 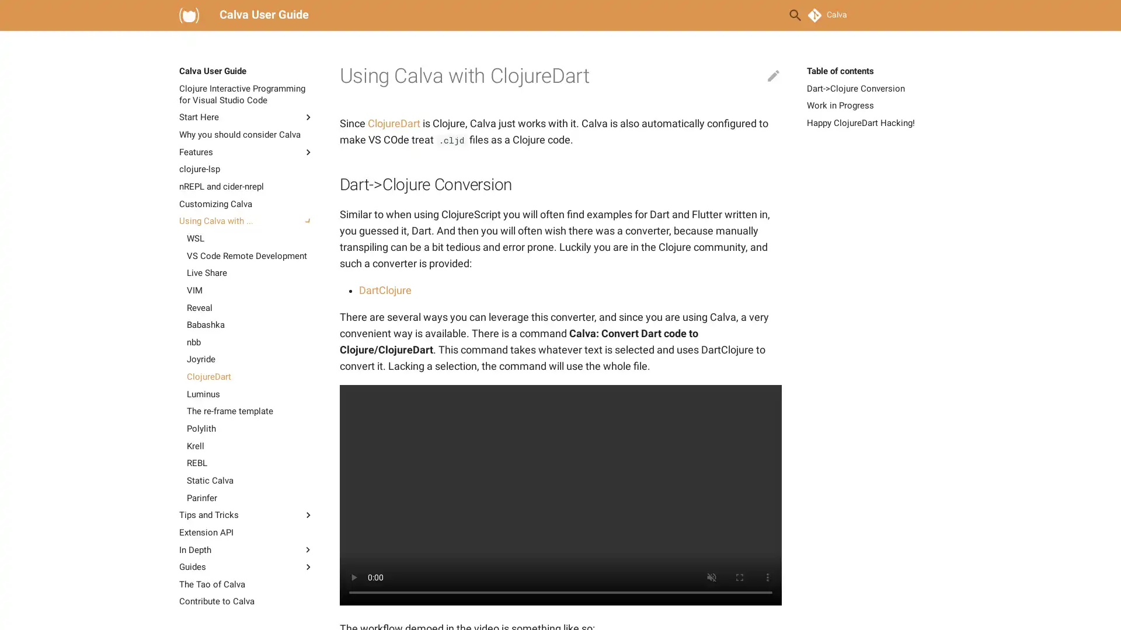 I want to click on Clear, so click(x=767, y=15).